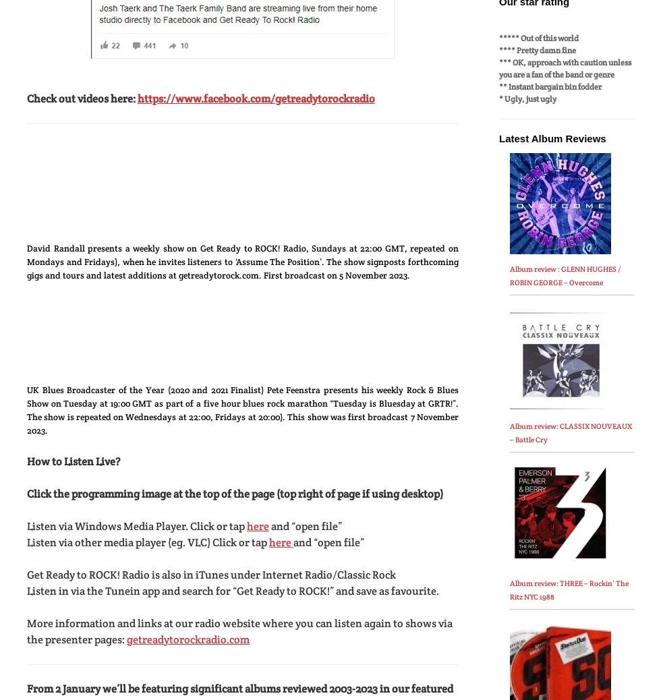  I want to click on 'More information and links at our radio website where you can listen again to shows via the presenter pages:', so click(239, 631).